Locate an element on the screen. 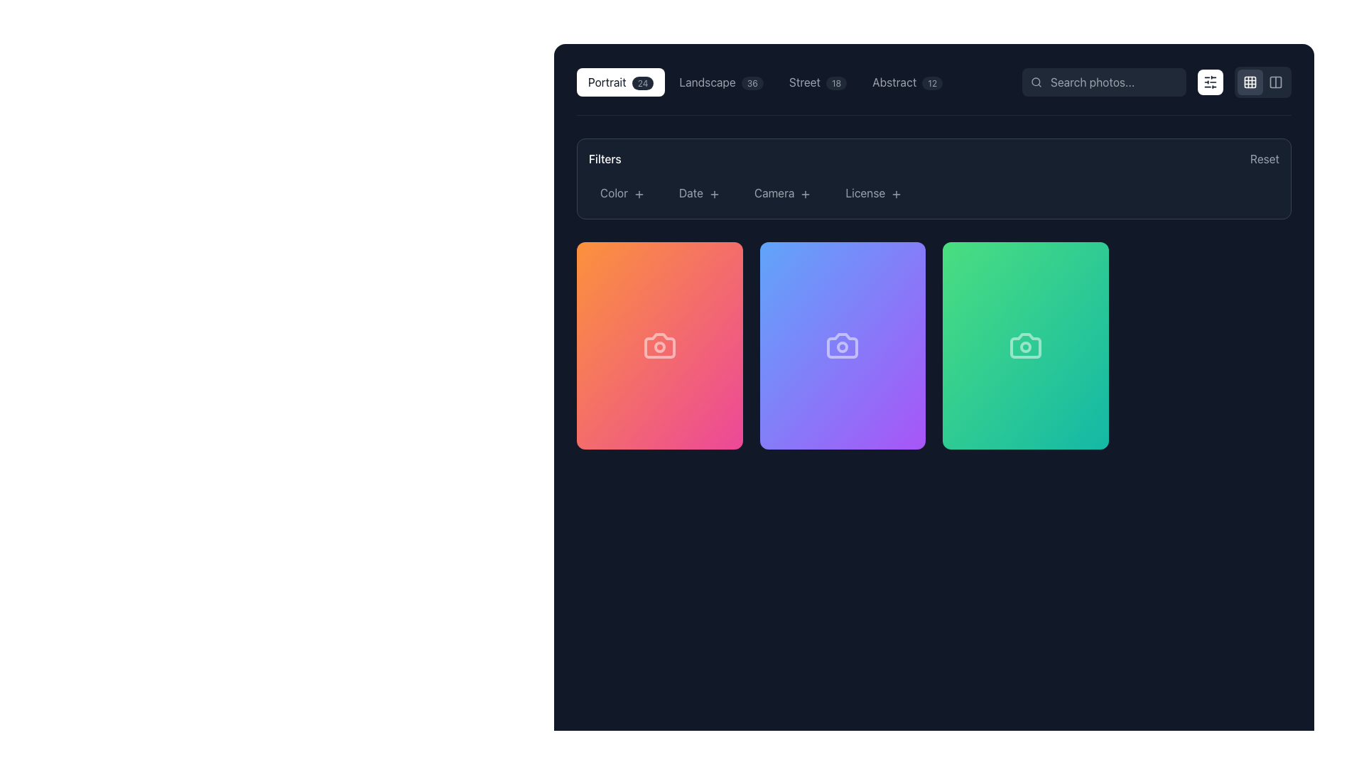  the circular lens component of the camera icon situated within the third box on the right, which has a green gradient background is located at coordinates (1025, 347).